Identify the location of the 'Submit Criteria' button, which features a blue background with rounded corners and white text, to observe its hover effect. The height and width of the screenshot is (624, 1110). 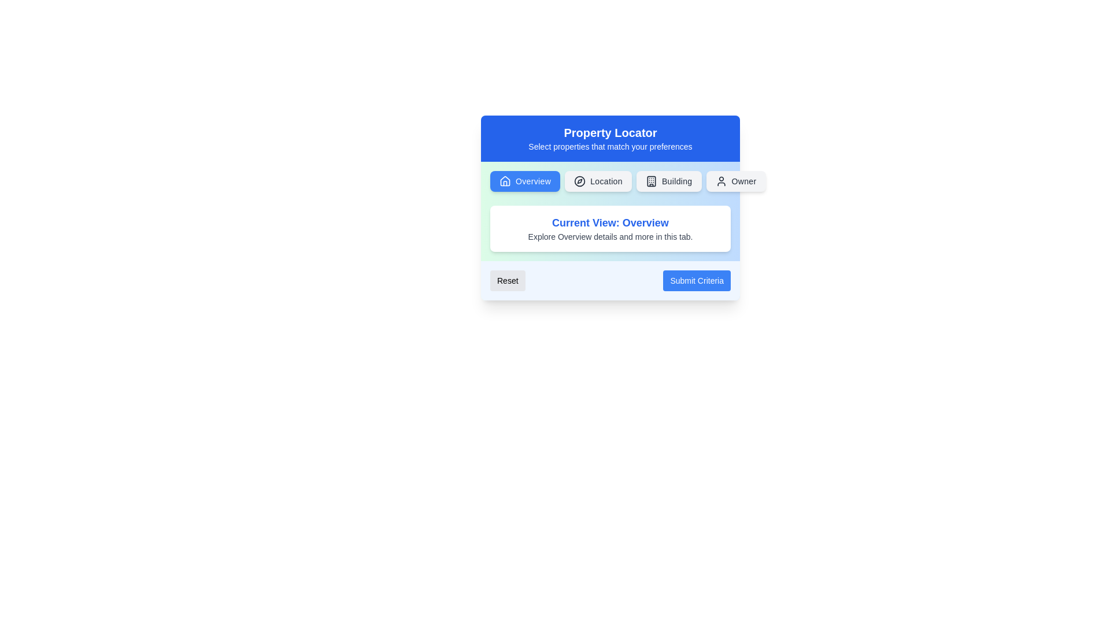
(696, 281).